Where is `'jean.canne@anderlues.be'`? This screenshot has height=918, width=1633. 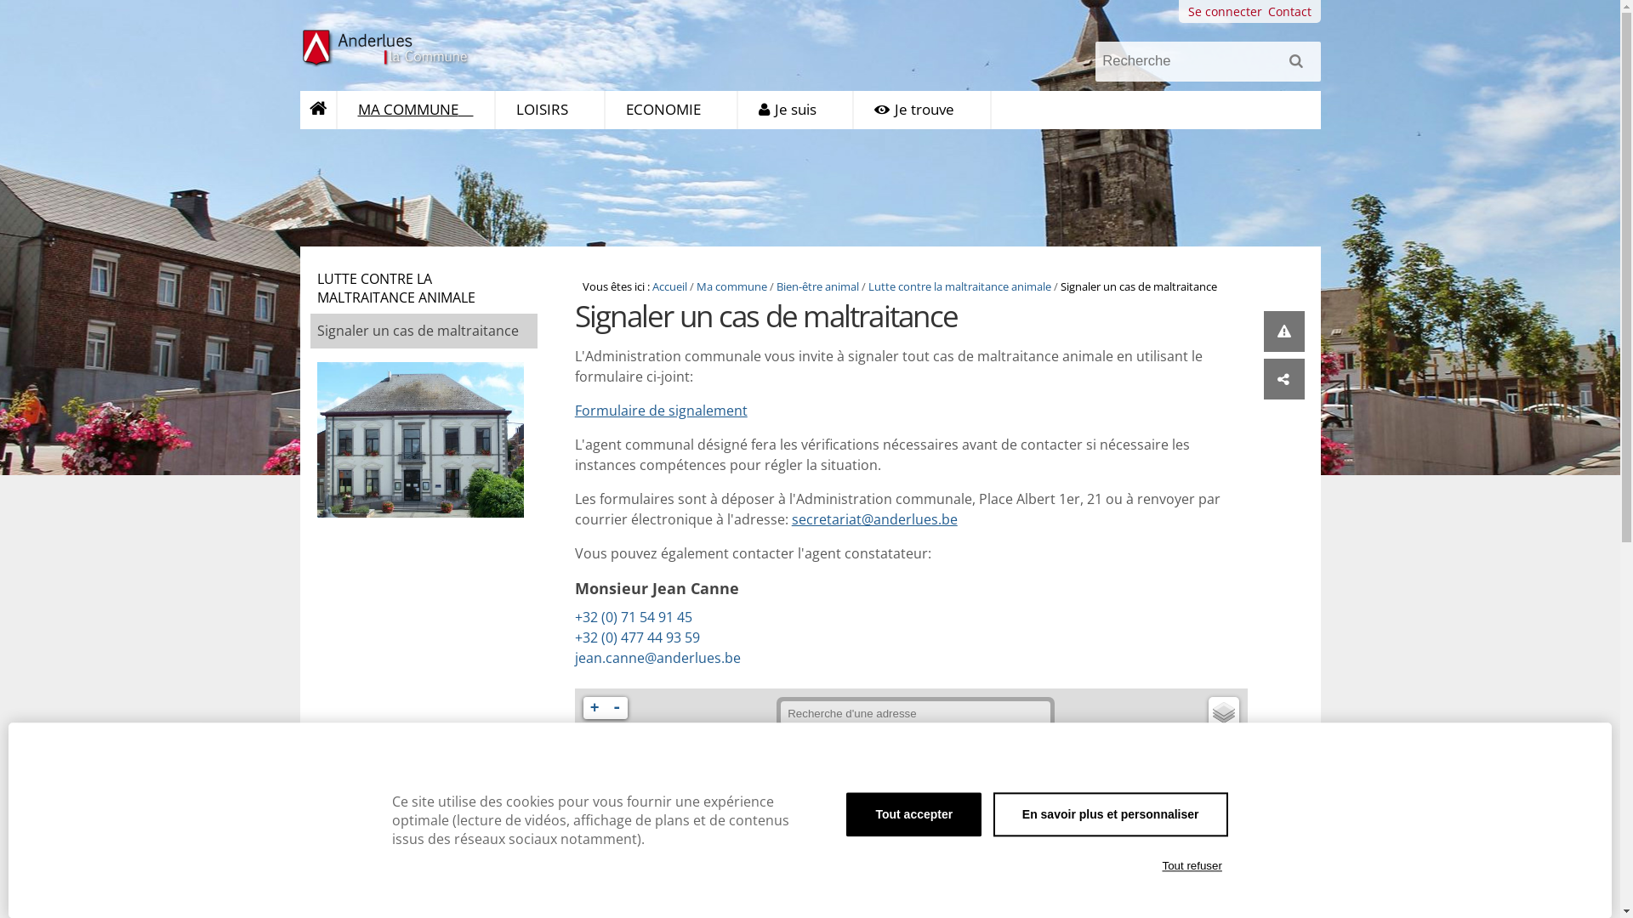
'jean.canne@anderlues.be' is located at coordinates (657, 657).